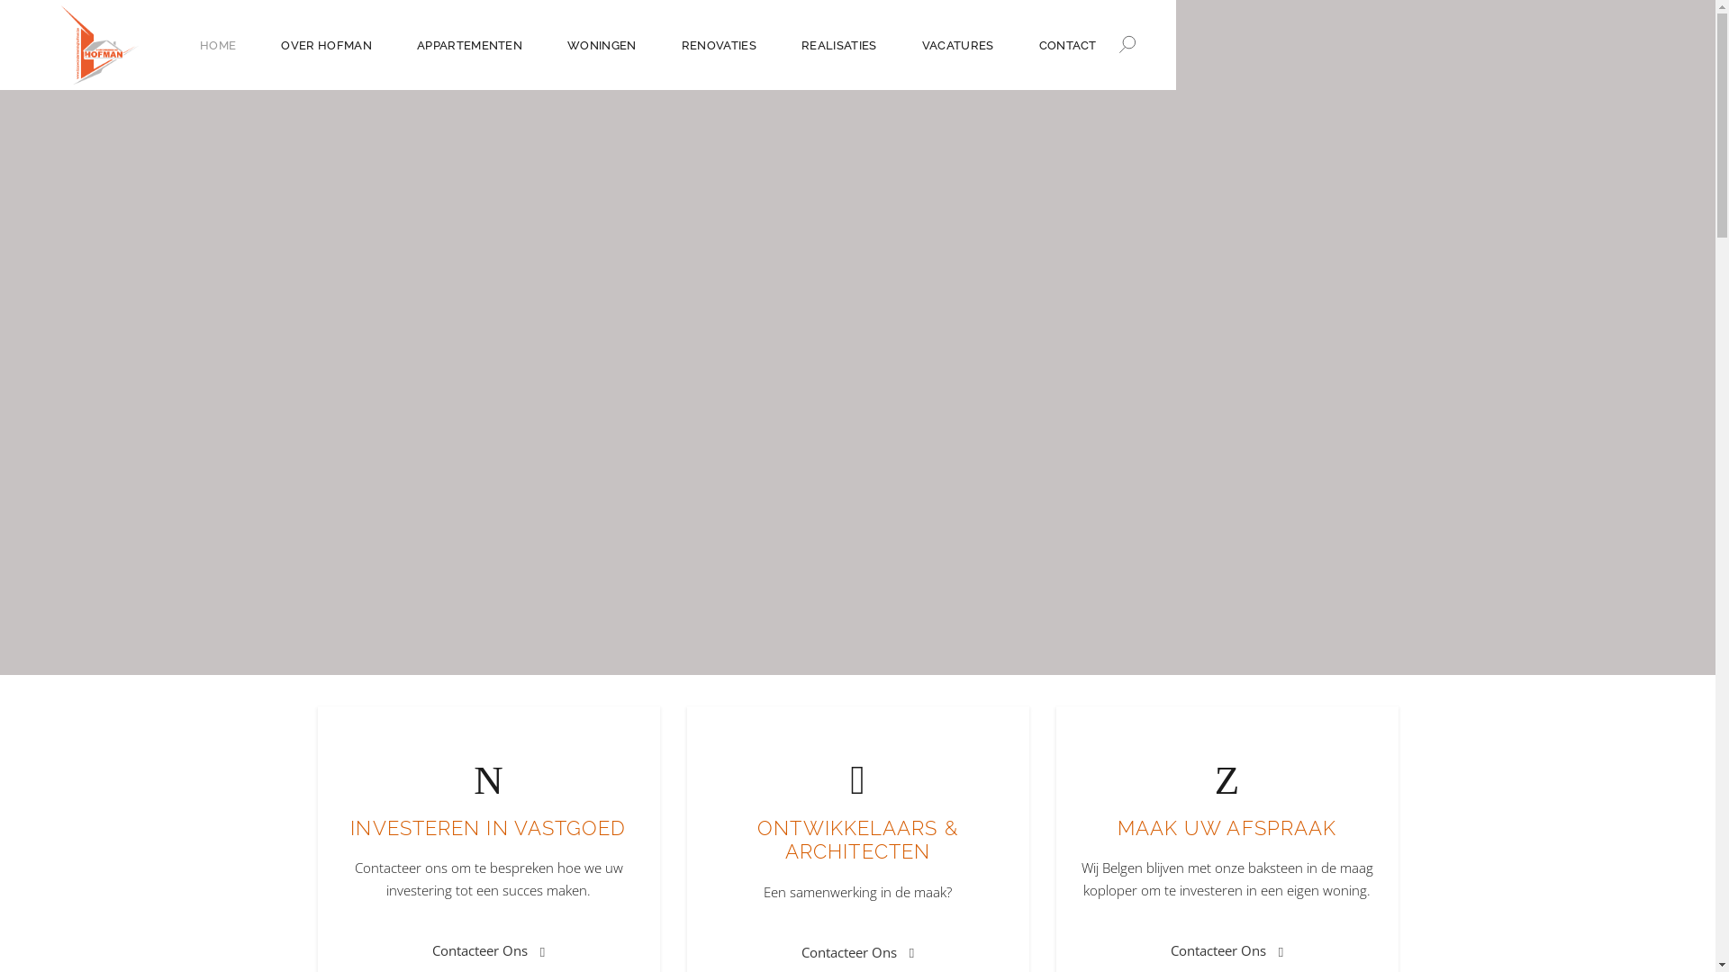 The image size is (1729, 972). I want to click on 'REALISATIES', so click(778, 43).